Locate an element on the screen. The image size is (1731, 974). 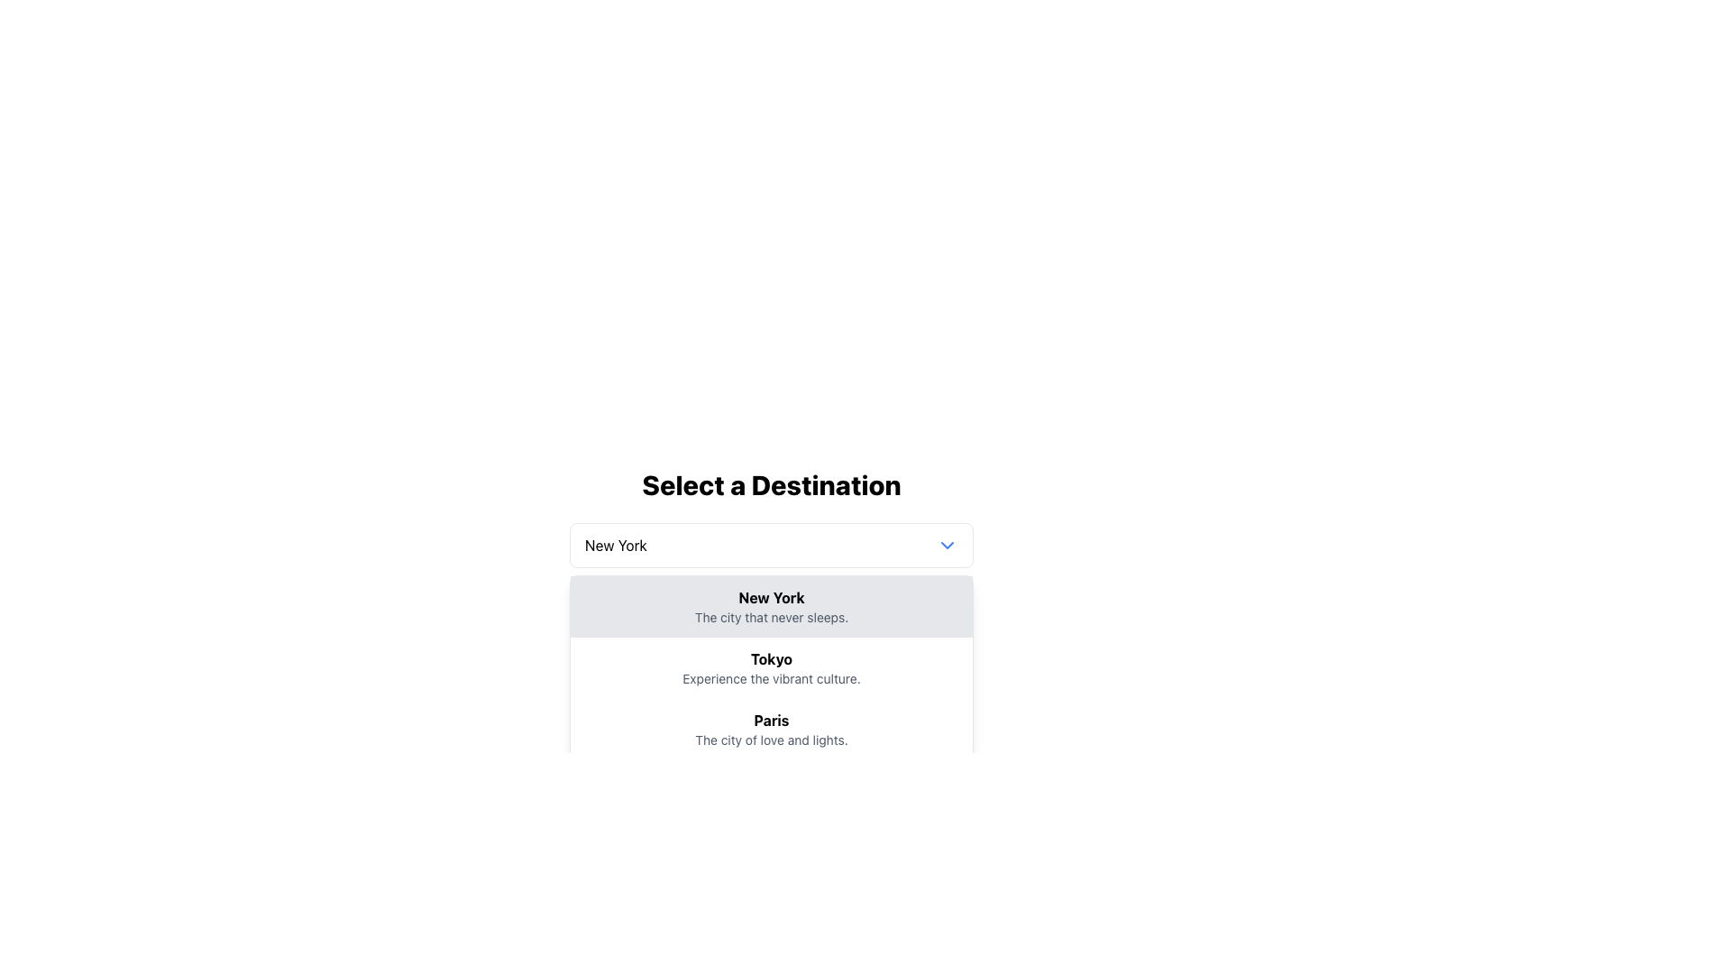
the third item in the dropdown menu is located at coordinates (771, 729).